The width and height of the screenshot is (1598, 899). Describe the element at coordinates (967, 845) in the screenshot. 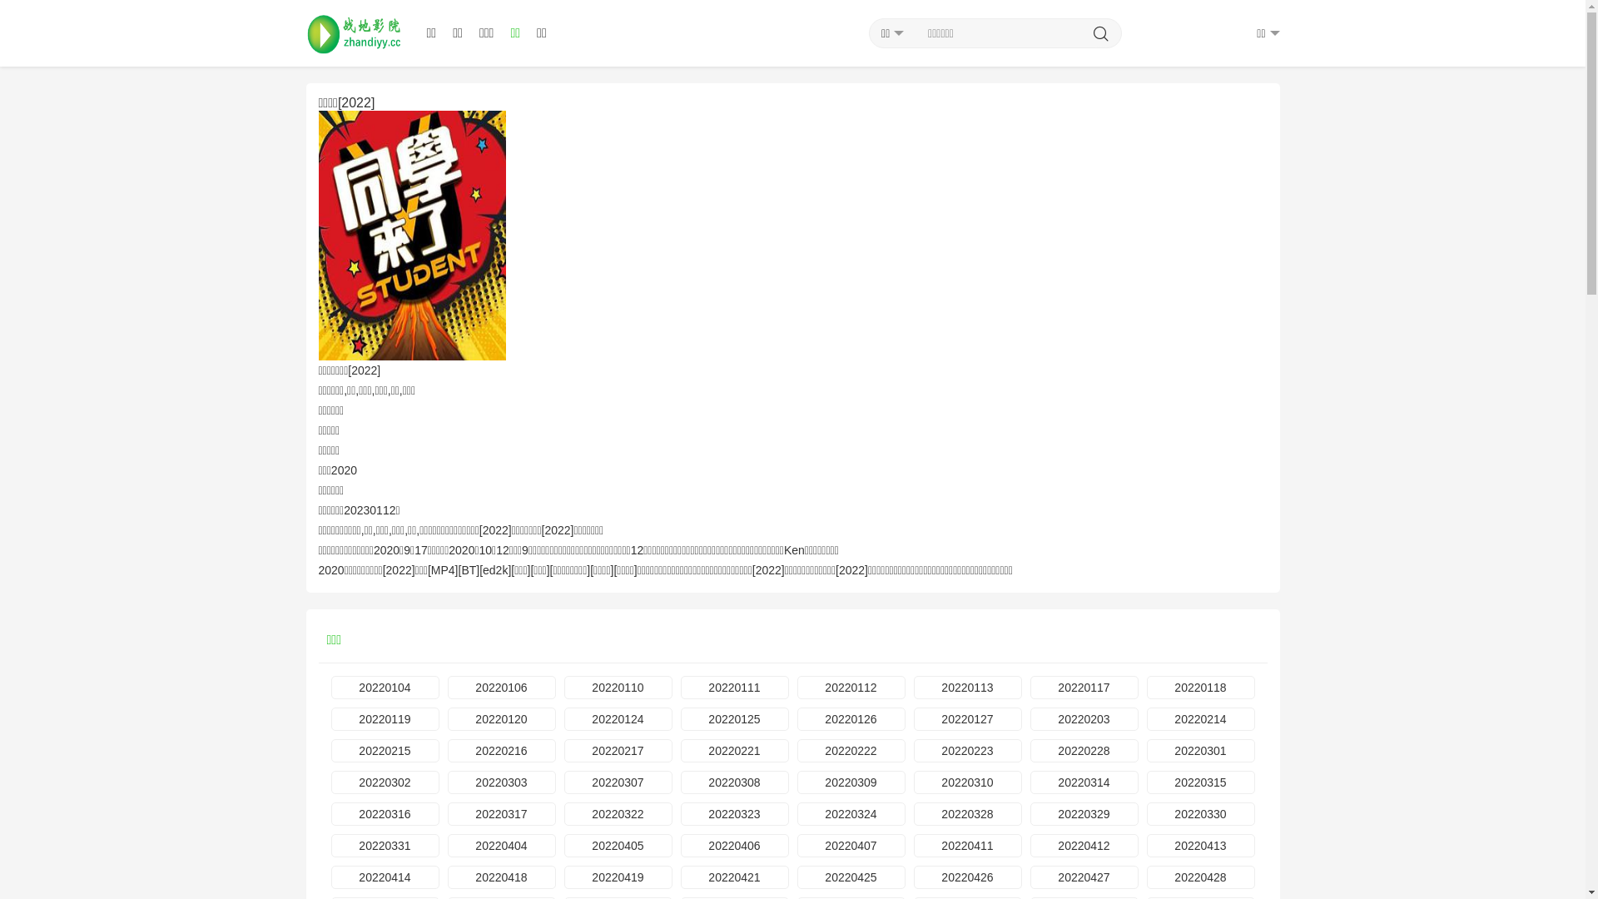

I see `'20220411'` at that location.